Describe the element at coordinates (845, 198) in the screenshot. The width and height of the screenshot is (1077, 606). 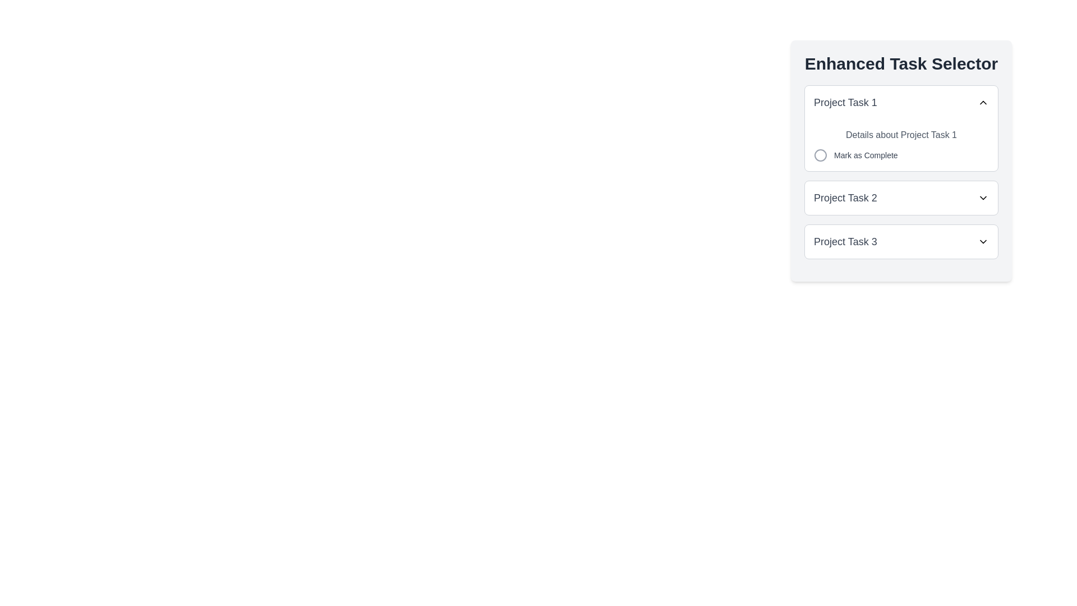
I see `the text label 'Project Task 2'` at that location.